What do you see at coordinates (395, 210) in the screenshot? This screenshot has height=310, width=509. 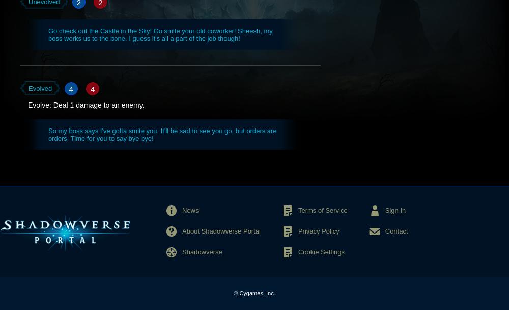 I see `'Sign In'` at bounding box center [395, 210].